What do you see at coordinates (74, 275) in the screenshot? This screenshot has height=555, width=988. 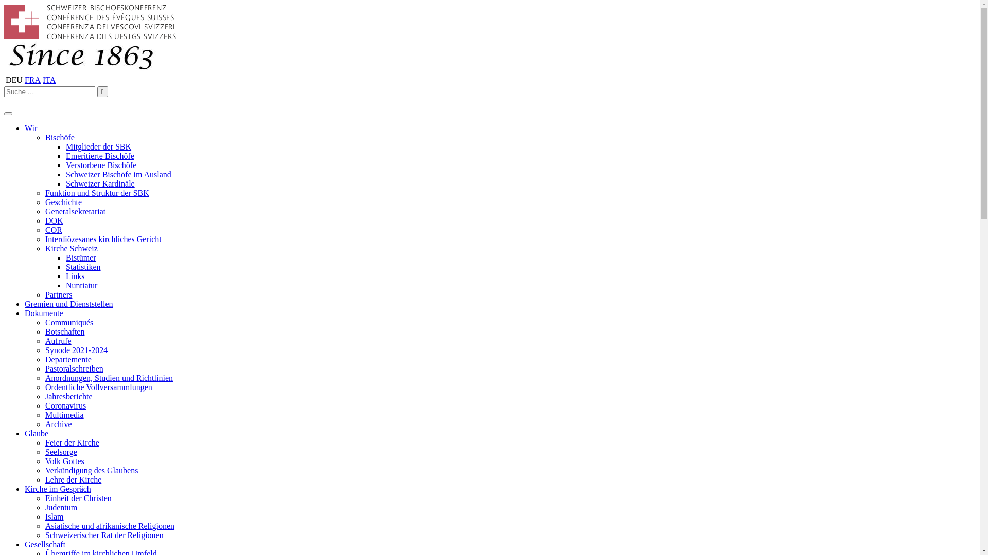 I see `'Links'` at bounding box center [74, 275].